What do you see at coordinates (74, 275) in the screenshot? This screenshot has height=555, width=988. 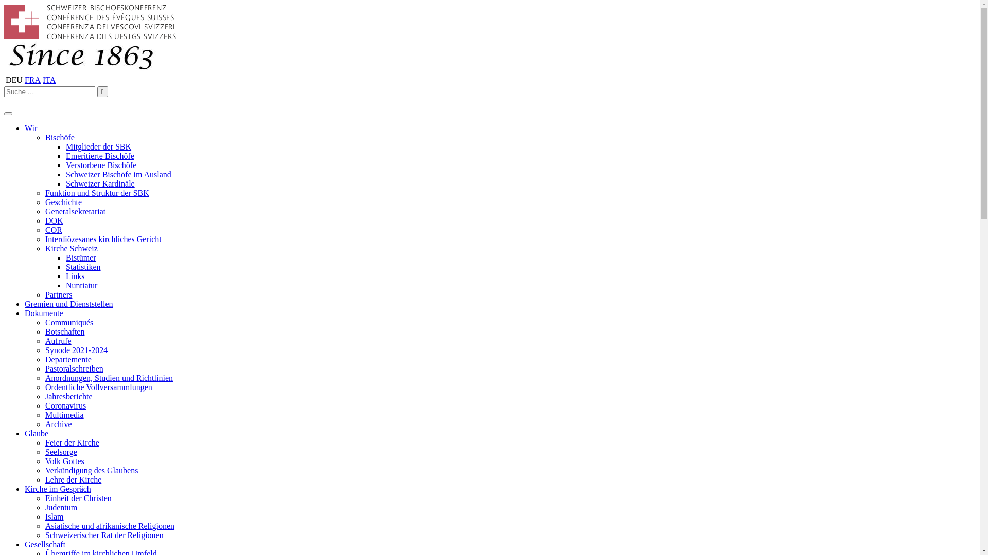 I see `'Links'` at bounding box center [74, 275].